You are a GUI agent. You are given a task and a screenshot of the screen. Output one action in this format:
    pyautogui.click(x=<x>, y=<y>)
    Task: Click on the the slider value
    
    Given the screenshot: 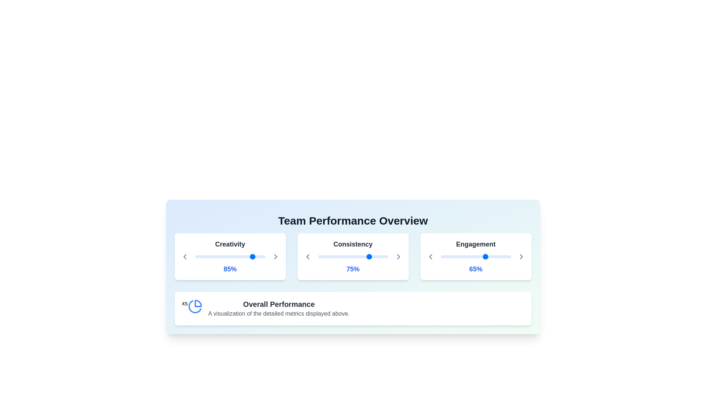 What is the action you would take?
    pyautogui.click(x=329, y=256)
    